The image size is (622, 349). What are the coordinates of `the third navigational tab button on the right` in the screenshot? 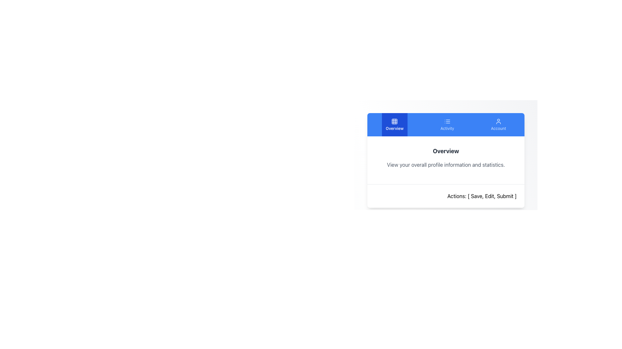 It's located at (498, 124).